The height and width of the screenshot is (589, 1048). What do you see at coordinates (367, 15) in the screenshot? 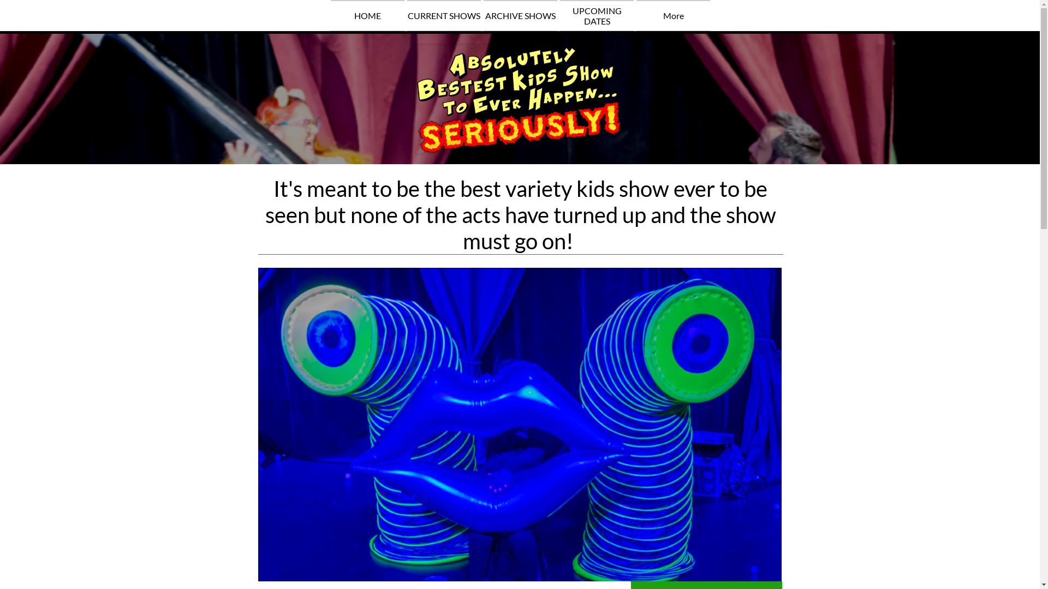
I see `'HOME'` at bounding box center [367, 15].